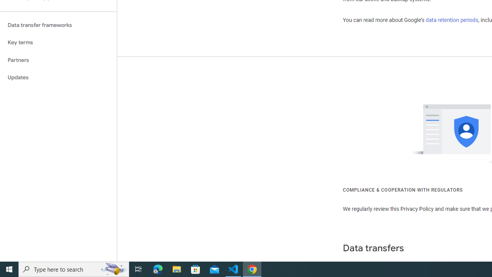 The image size is (492, 277). I want to click on 'Partners', so click(58, 60).